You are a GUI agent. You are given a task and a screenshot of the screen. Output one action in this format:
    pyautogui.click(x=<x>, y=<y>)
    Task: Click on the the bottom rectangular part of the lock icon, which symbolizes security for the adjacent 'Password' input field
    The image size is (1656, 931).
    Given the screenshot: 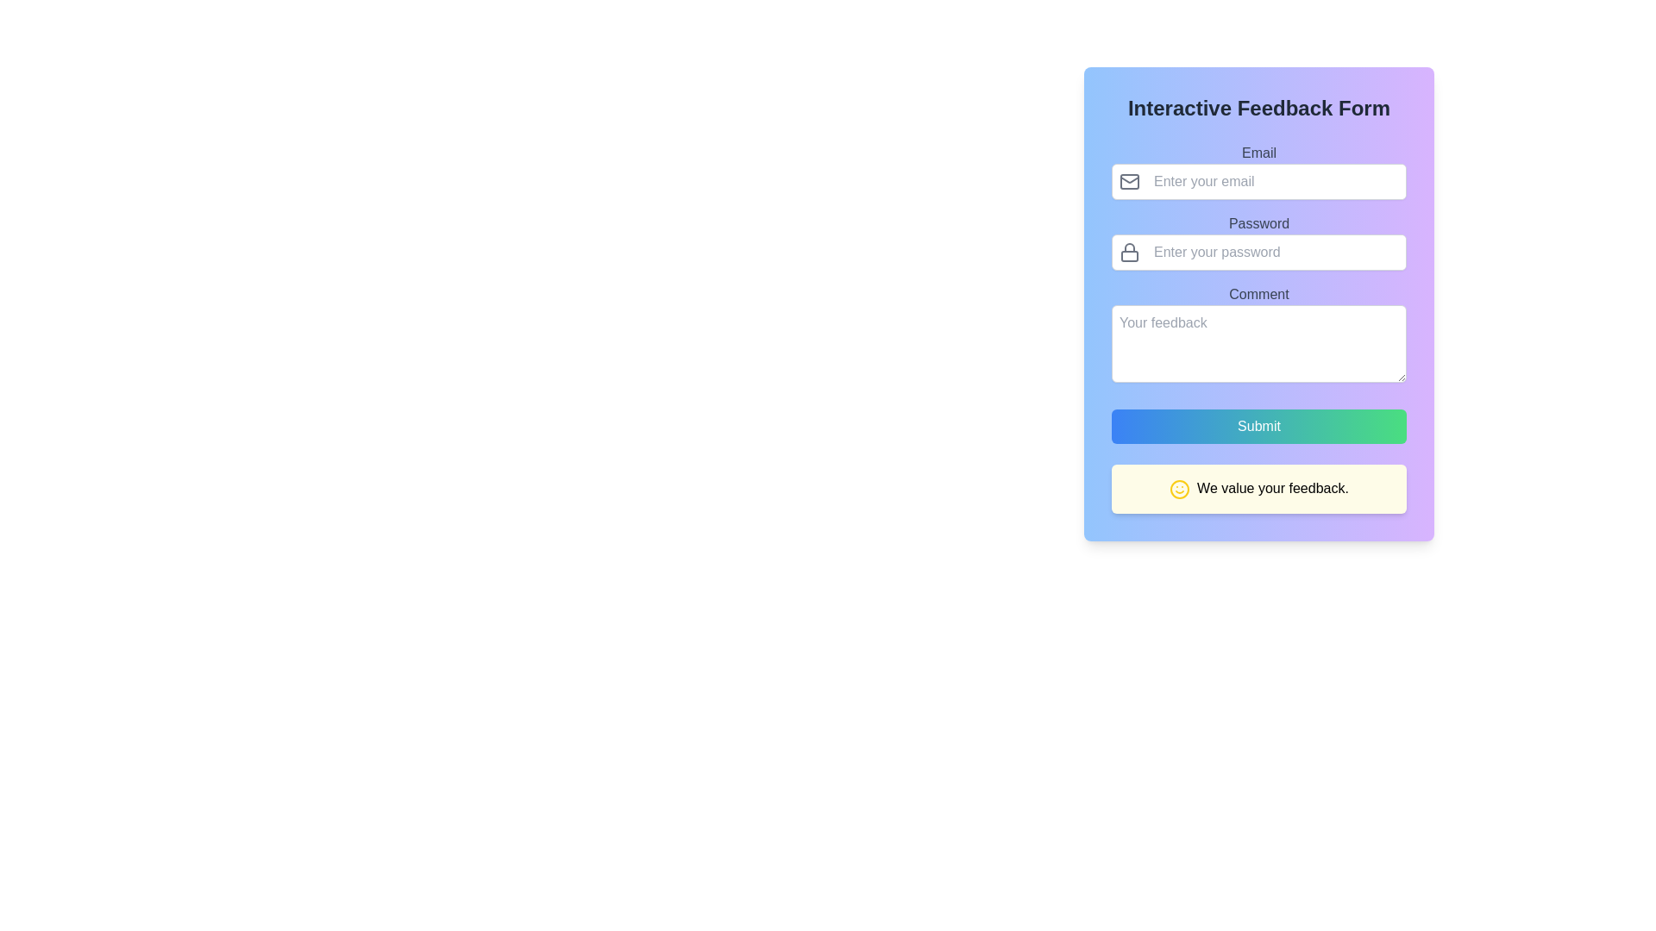 What is the action you would take?
    pyautogui.click(x=1130, y=256)
    